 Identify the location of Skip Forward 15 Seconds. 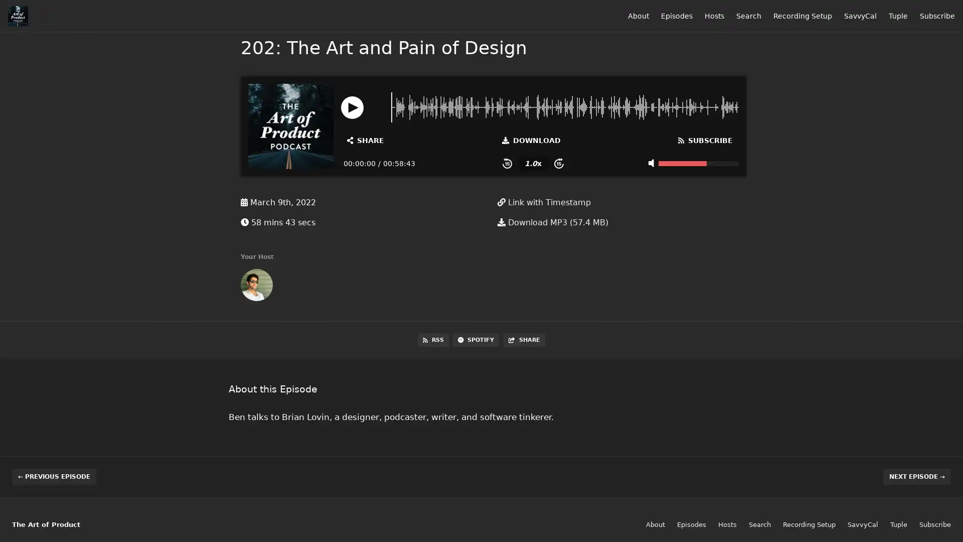
(558, 162).